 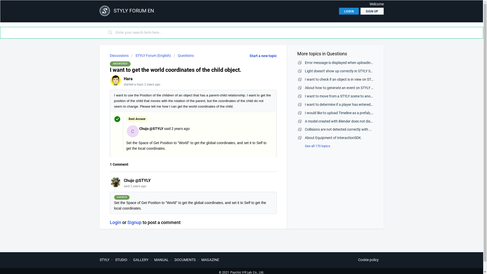 I want to click on 'LOGIN', so click(x=339, y=11).